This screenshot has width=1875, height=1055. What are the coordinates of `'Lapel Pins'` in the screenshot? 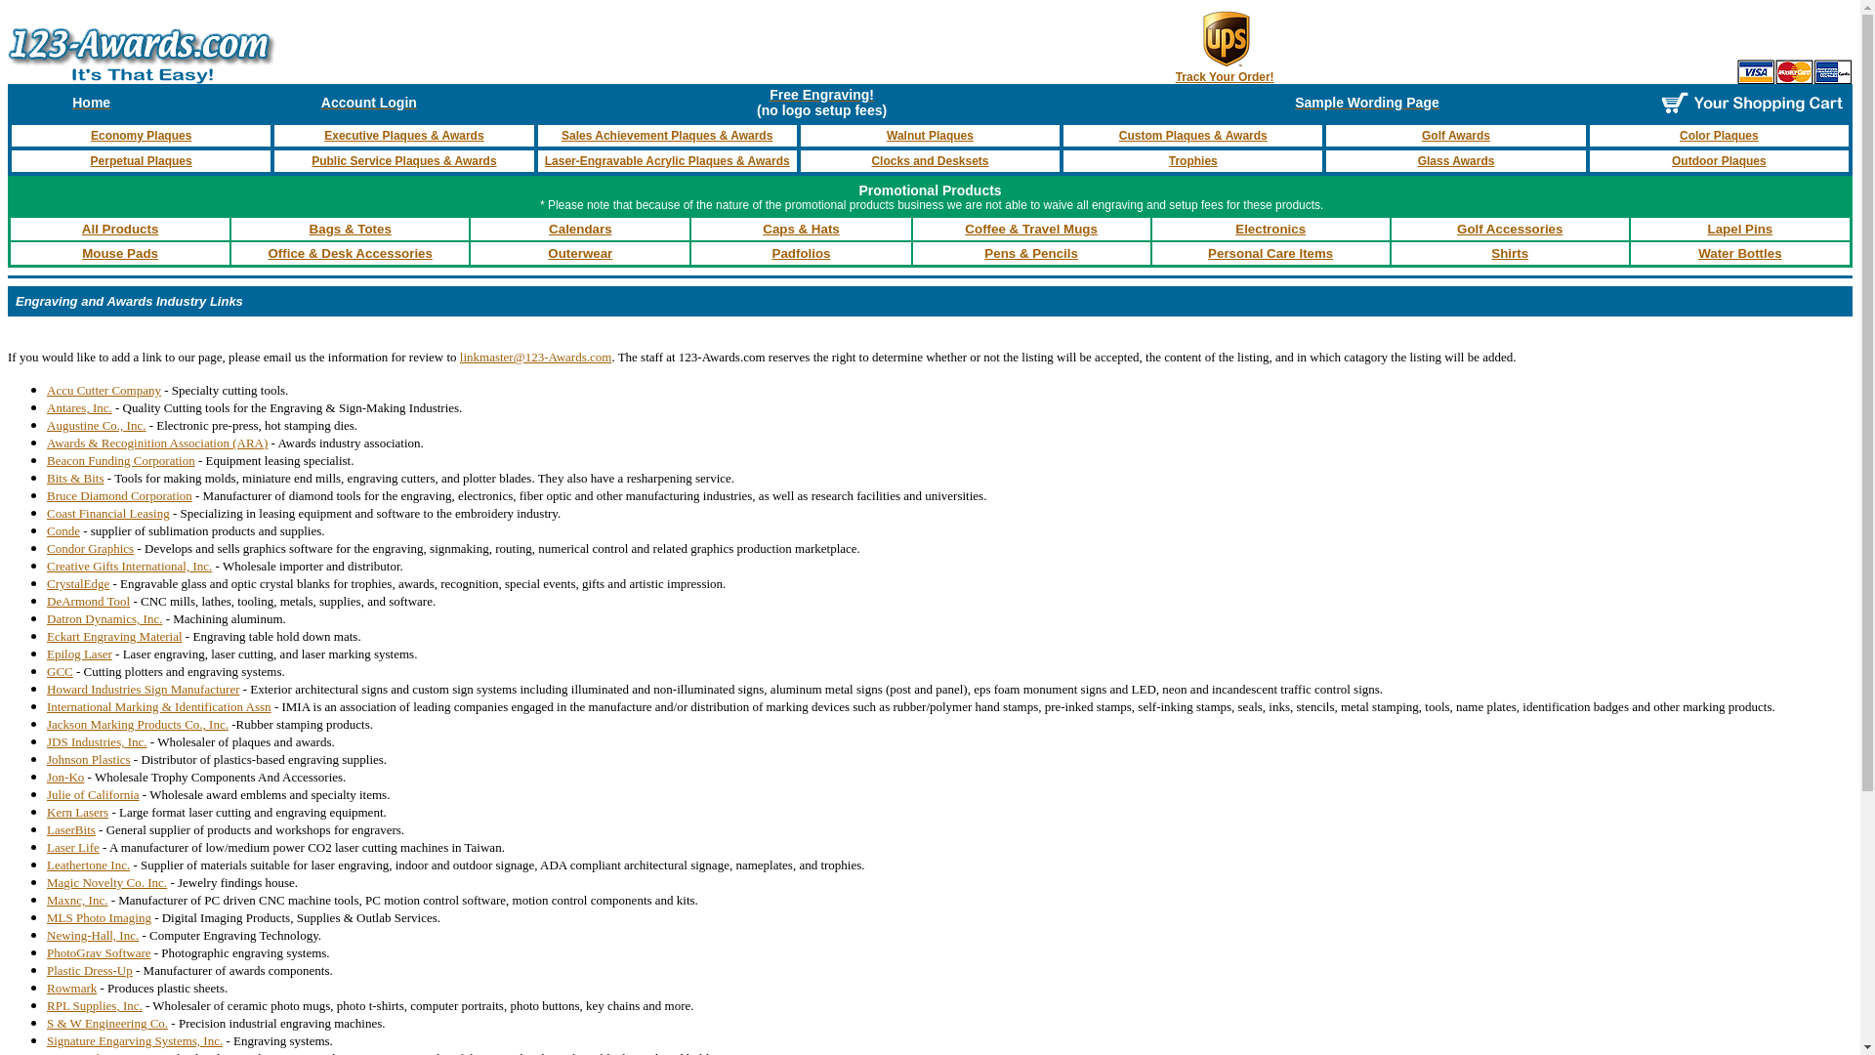 It's located at (1740, 228).